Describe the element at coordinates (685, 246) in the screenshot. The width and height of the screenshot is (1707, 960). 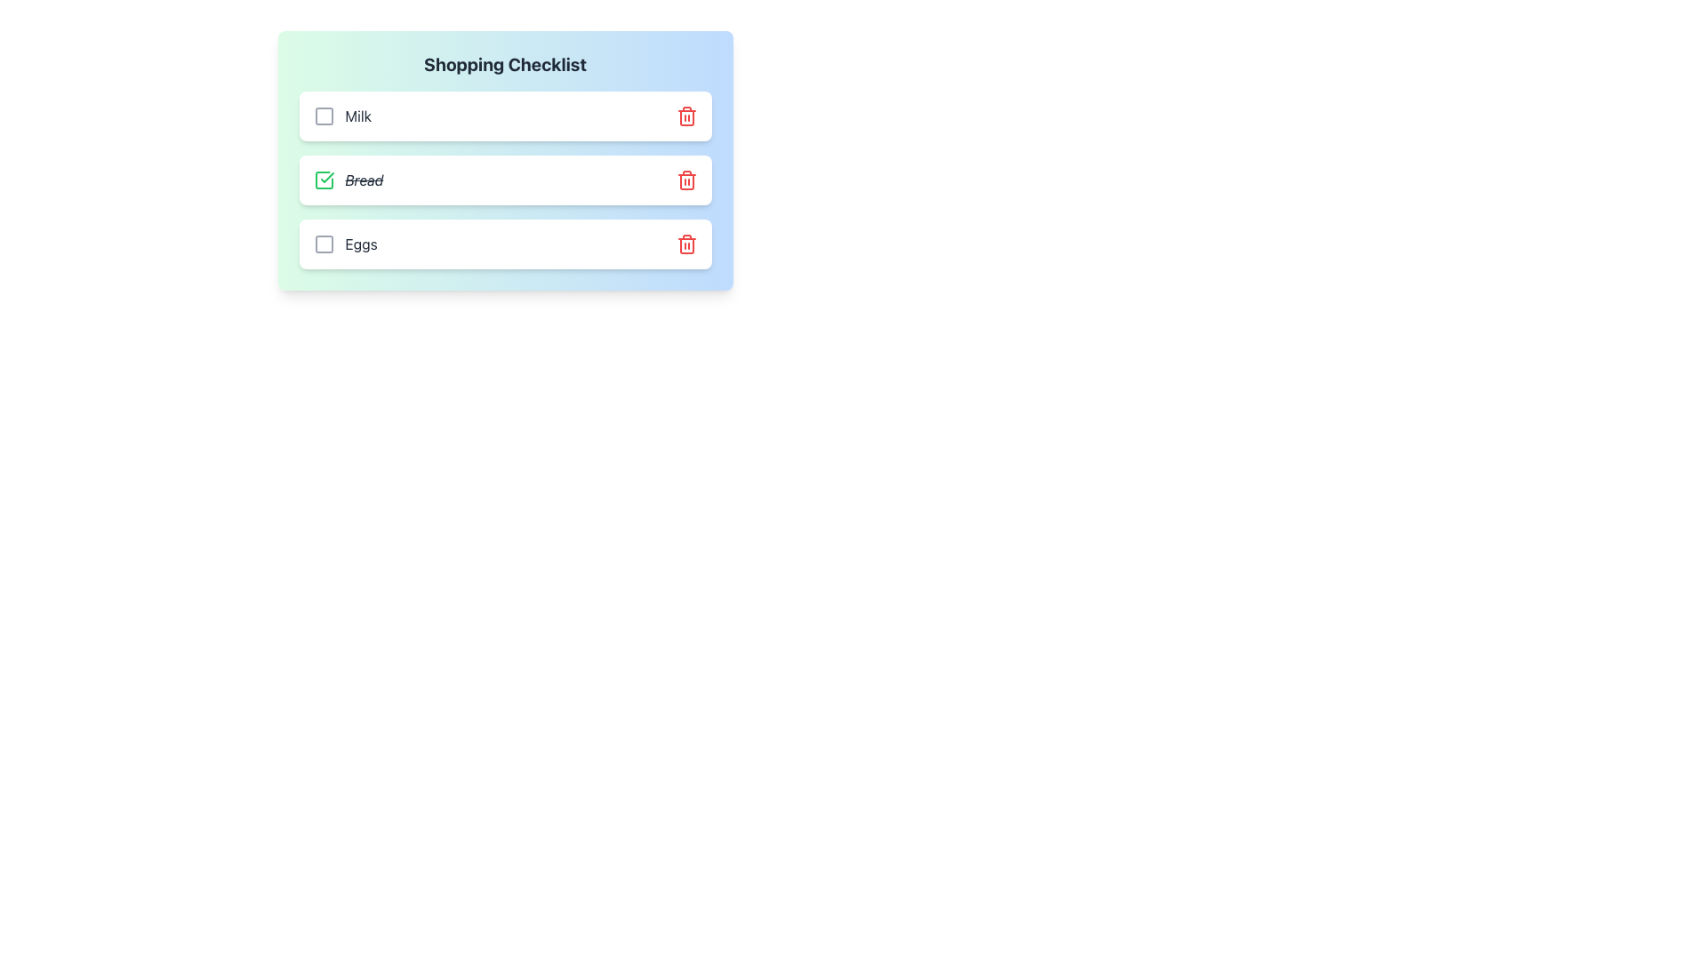
I see `the red trash bin icon located on the right side of the 'Bread' item in the shopping checklist` at that location.